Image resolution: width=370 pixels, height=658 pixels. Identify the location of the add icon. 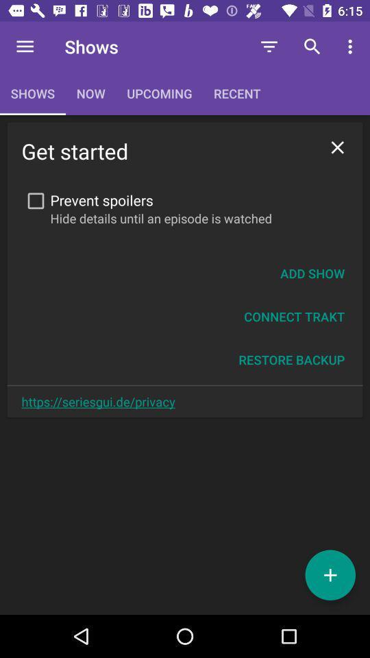
(330, 575).